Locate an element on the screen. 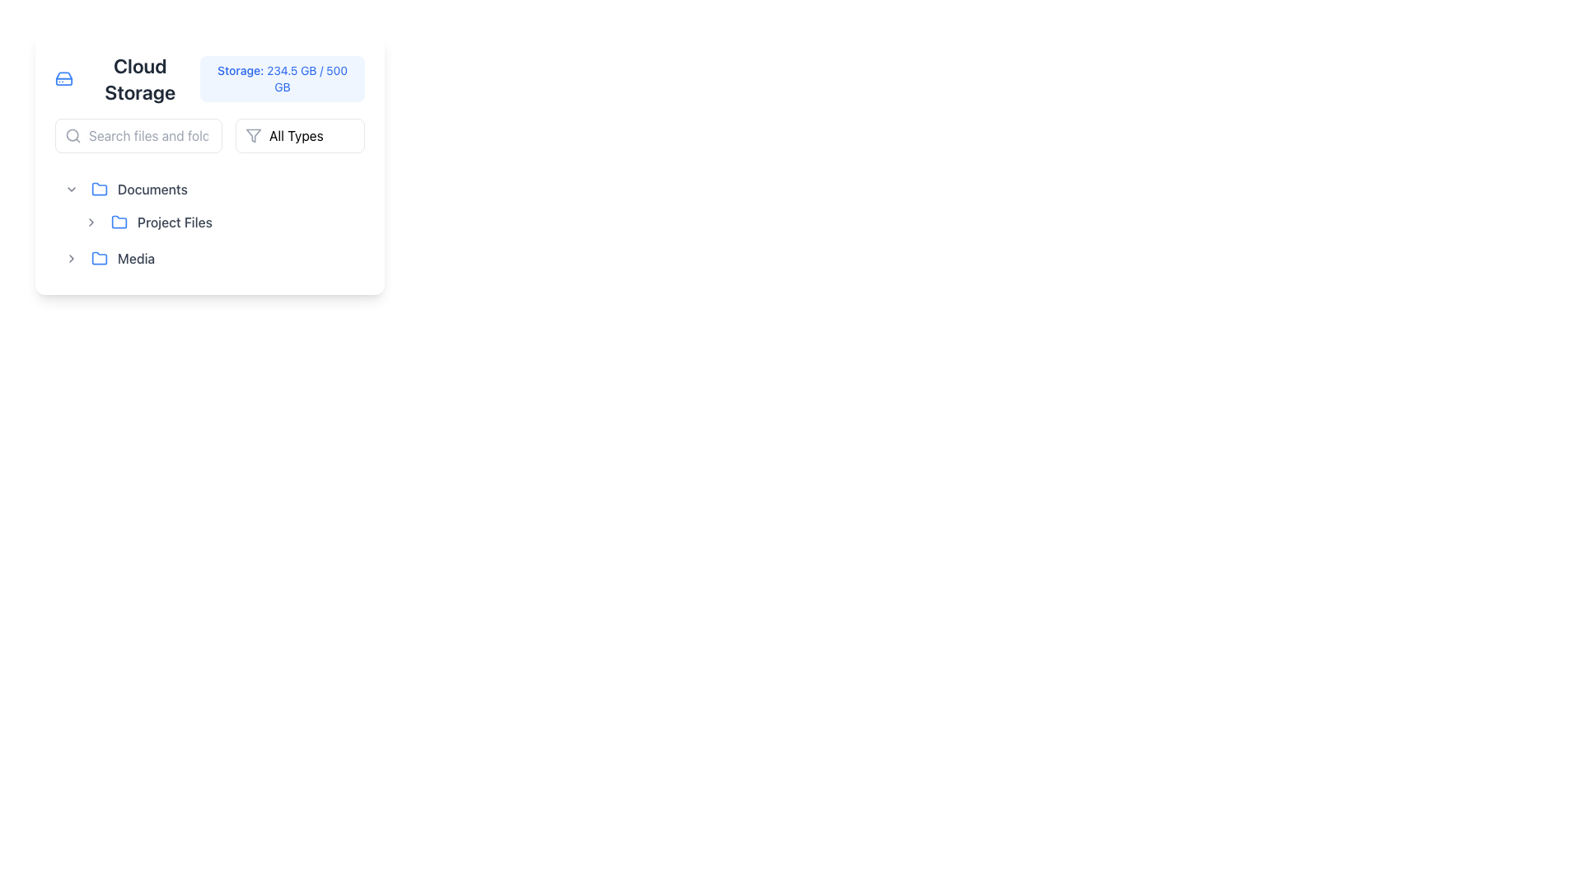 Image resolution: width=1582 pixels, height=890 pixels. the circular lens of the magnifying glass icon located on the left side of the search bar is located at coordinates (72, 134).